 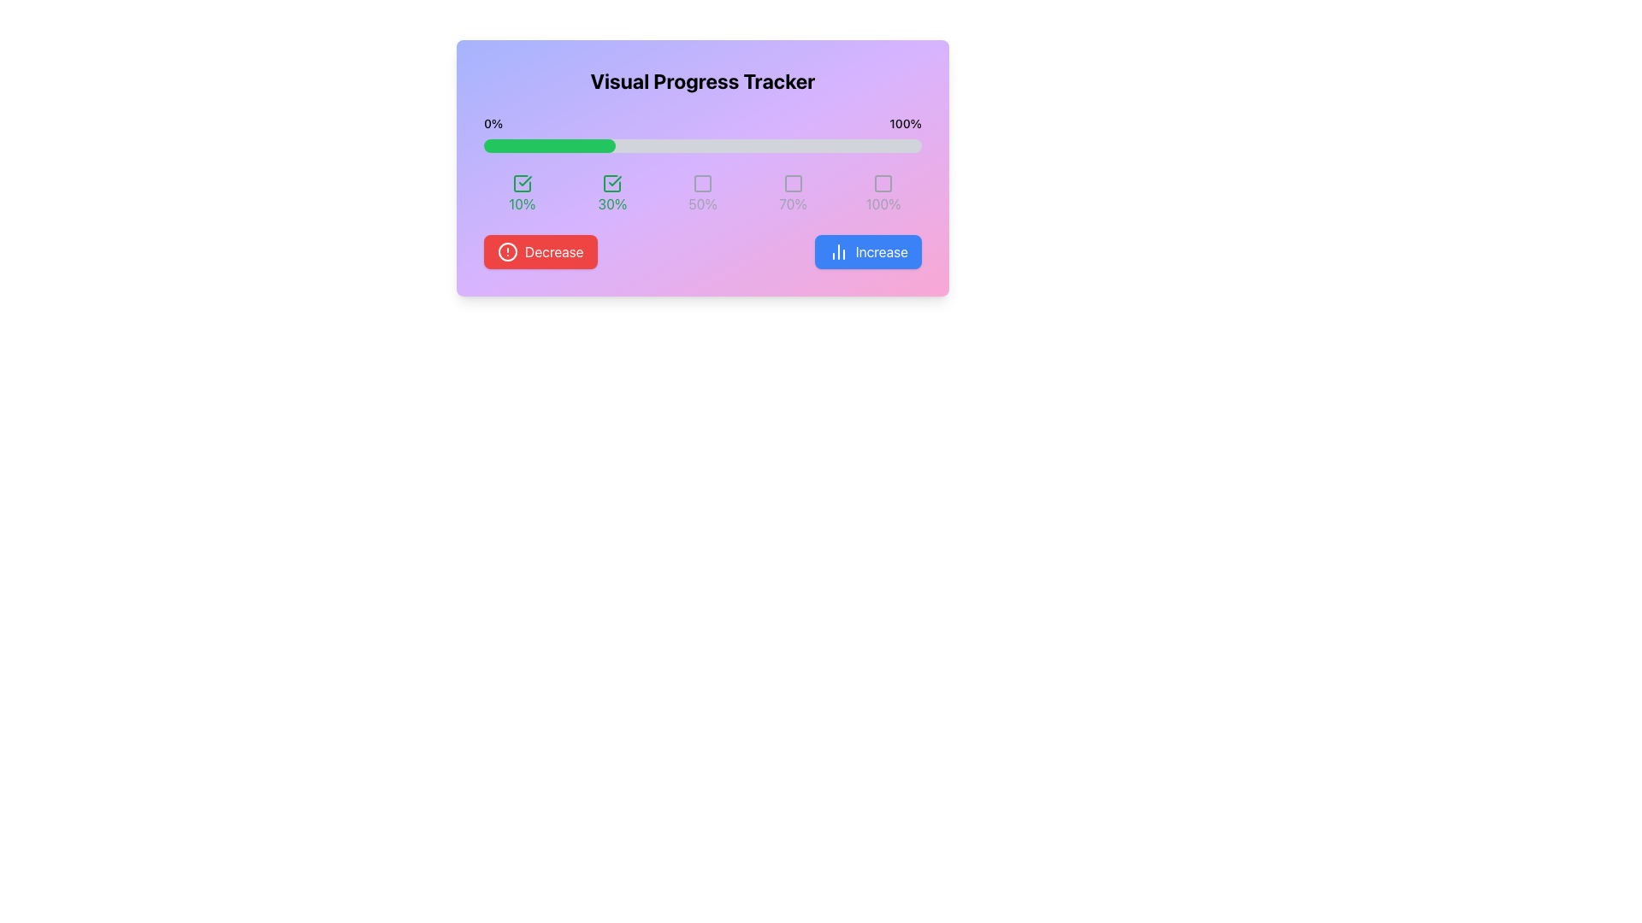 What do you see at coordinates (838, 251) in the screenshot?
I see `the bar chart icon within the blue 'Increase' button located at the bottom-right of the card layout` at bounding box center [838, 251].